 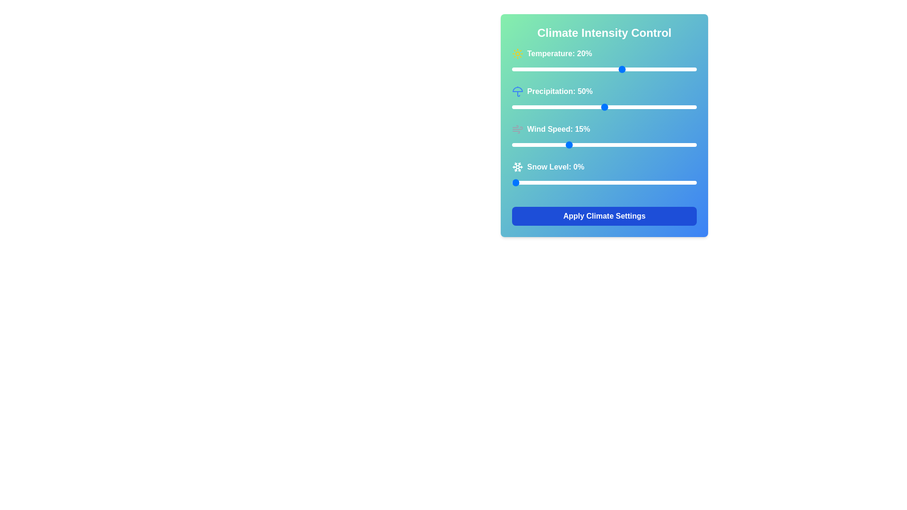 I want to click on the snow level, so click(x=534, y=182).